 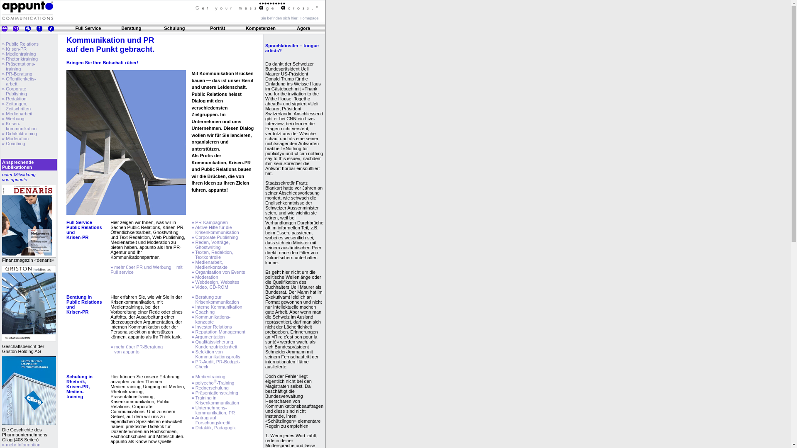 What do you see at coordinates (95, 36) in the screenshot?
I see `'coach outlet stores locations'` at bounding box center [95, 36].